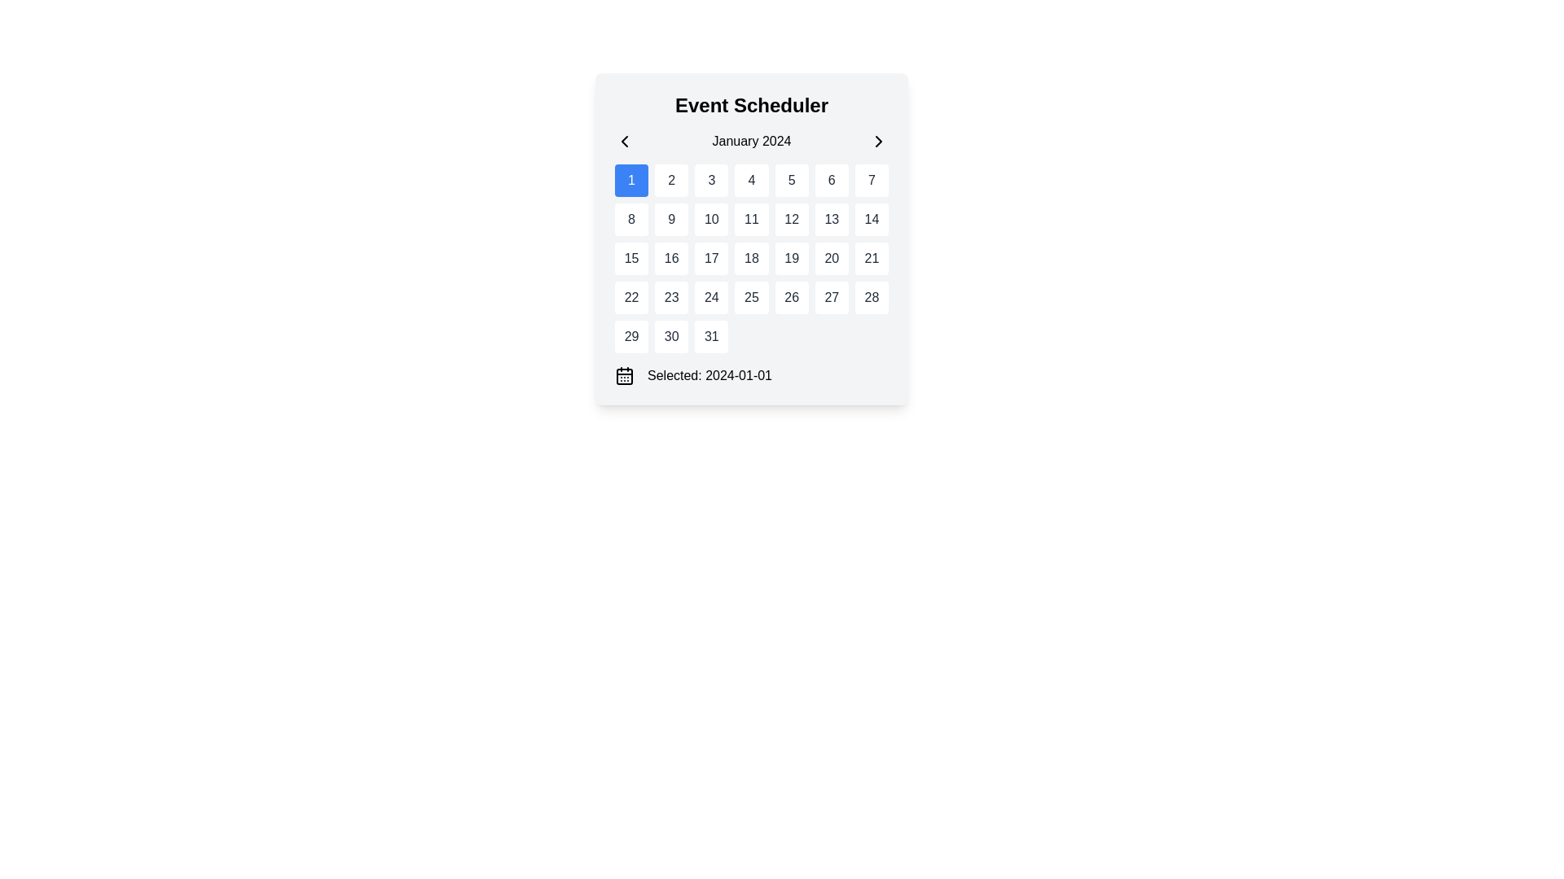 The height and width of the screenshot is (879, 1564). I want to click on the static text label displaying 'Event Scheduler', which is a large, bolded, centrally-aligned text at the top of a grey, rounded box in the calendar interface, so click(750, 106).